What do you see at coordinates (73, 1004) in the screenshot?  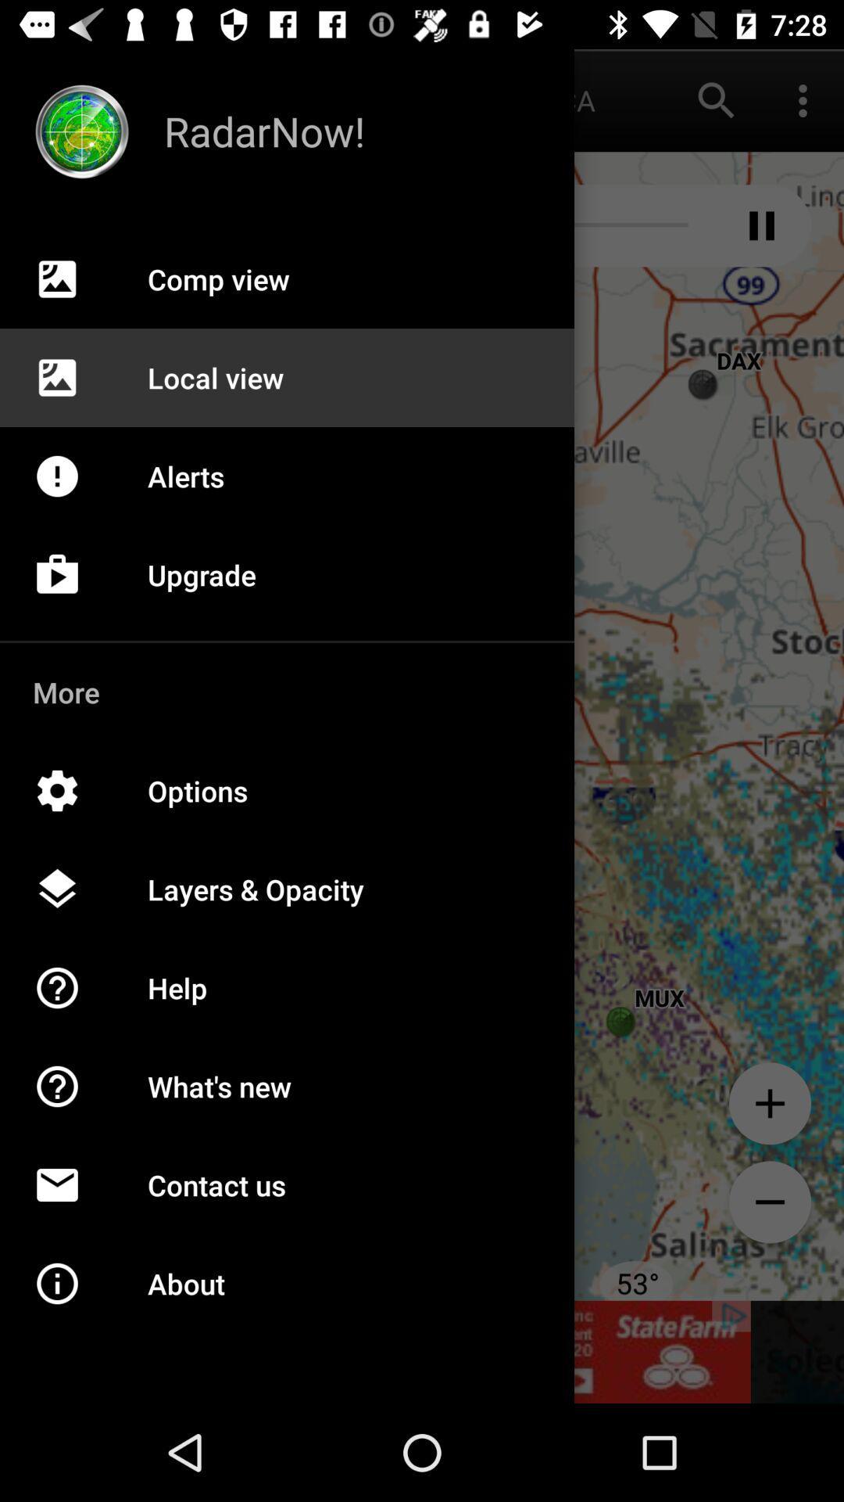 I see `the help icon` at bounding box center [73, 1004].